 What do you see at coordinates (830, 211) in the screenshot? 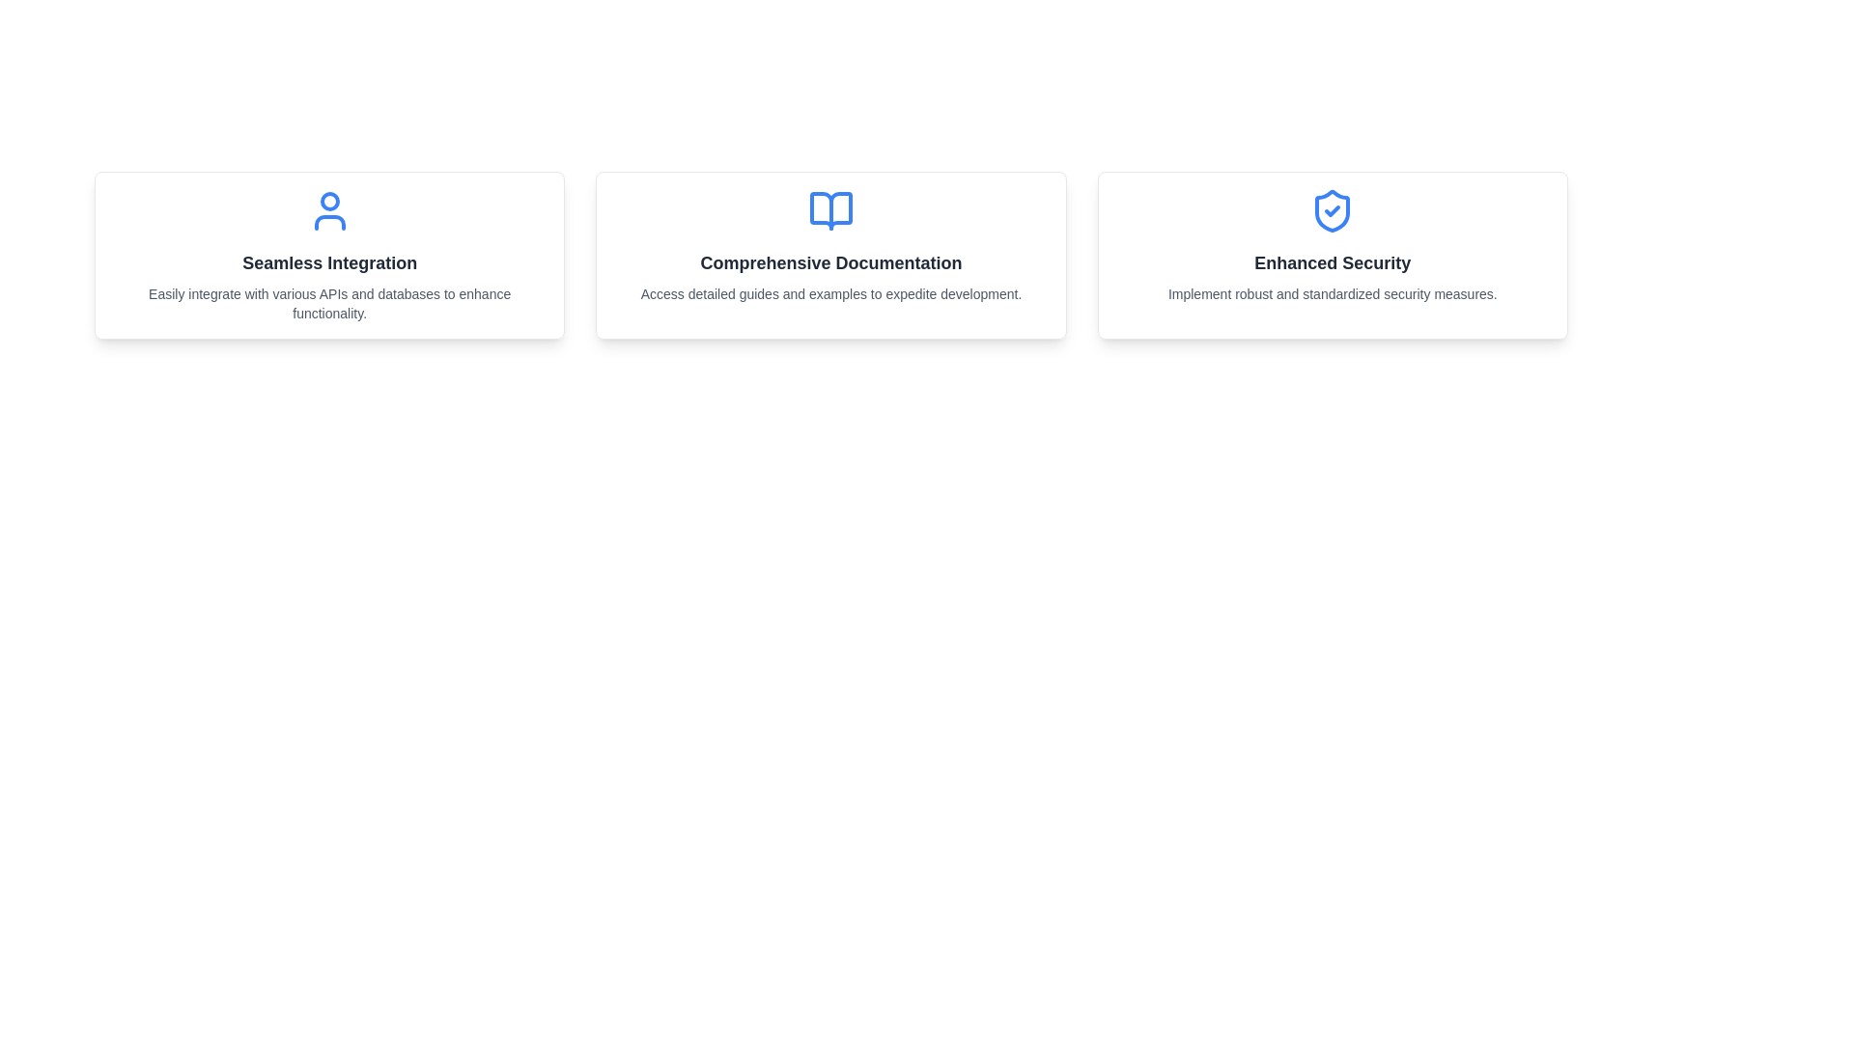
I see `the graphical icon located at the top-center of the card labeled 'Comprehensive Documentation', which serves as a visual representation for accessing documentation` at bounding box center [830, 211].